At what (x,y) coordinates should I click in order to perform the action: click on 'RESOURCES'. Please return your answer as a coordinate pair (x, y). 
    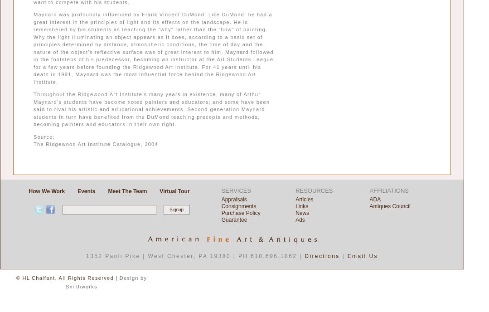
    Looking at the image, I should click on (314, 190).